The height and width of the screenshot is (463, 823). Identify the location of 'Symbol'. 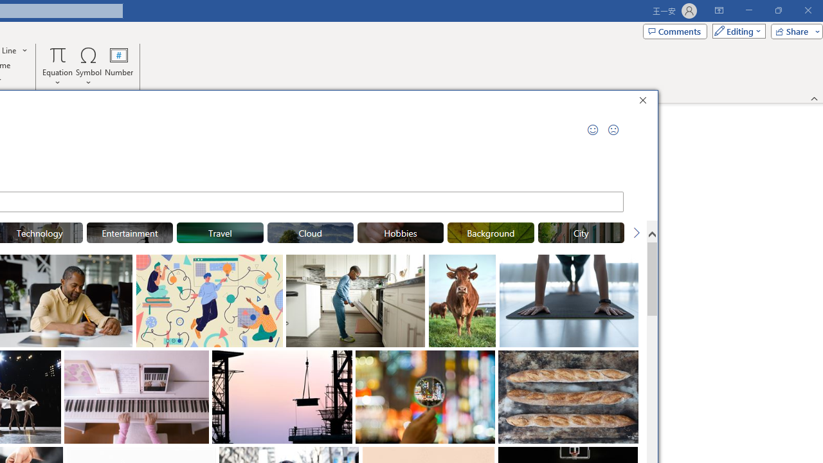
(88, 66).